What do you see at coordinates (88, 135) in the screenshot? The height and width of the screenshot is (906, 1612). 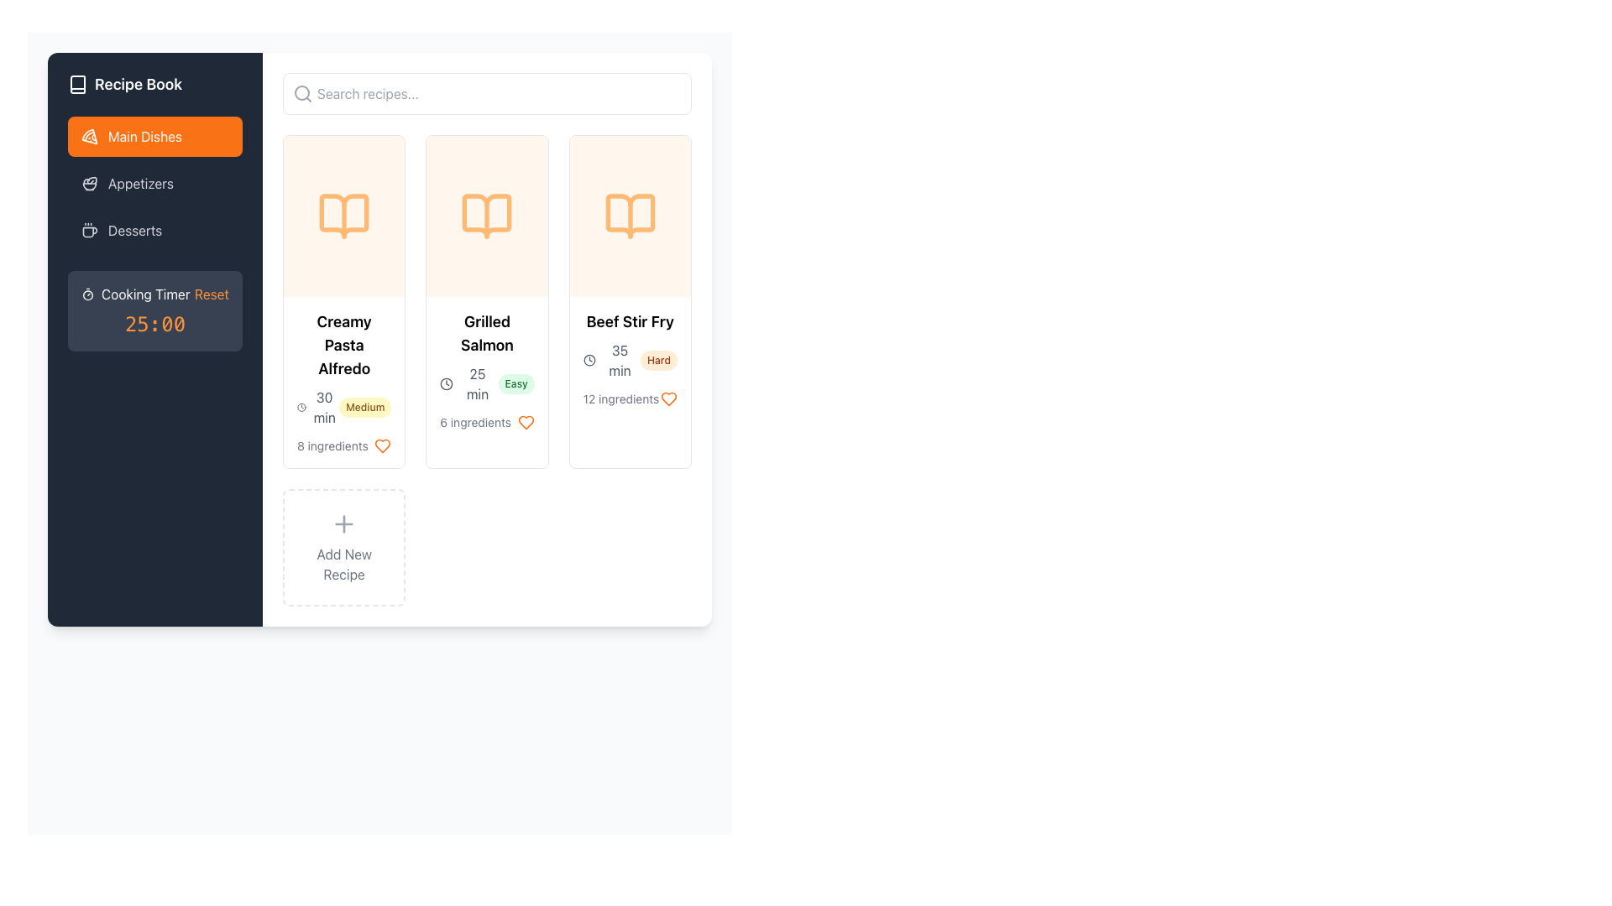 I see `the 'Main Dishes' navigation icon located in the left sidebar of the interface, which visually represents the 'Main Dishes' category` at bounding box center [88, 135].